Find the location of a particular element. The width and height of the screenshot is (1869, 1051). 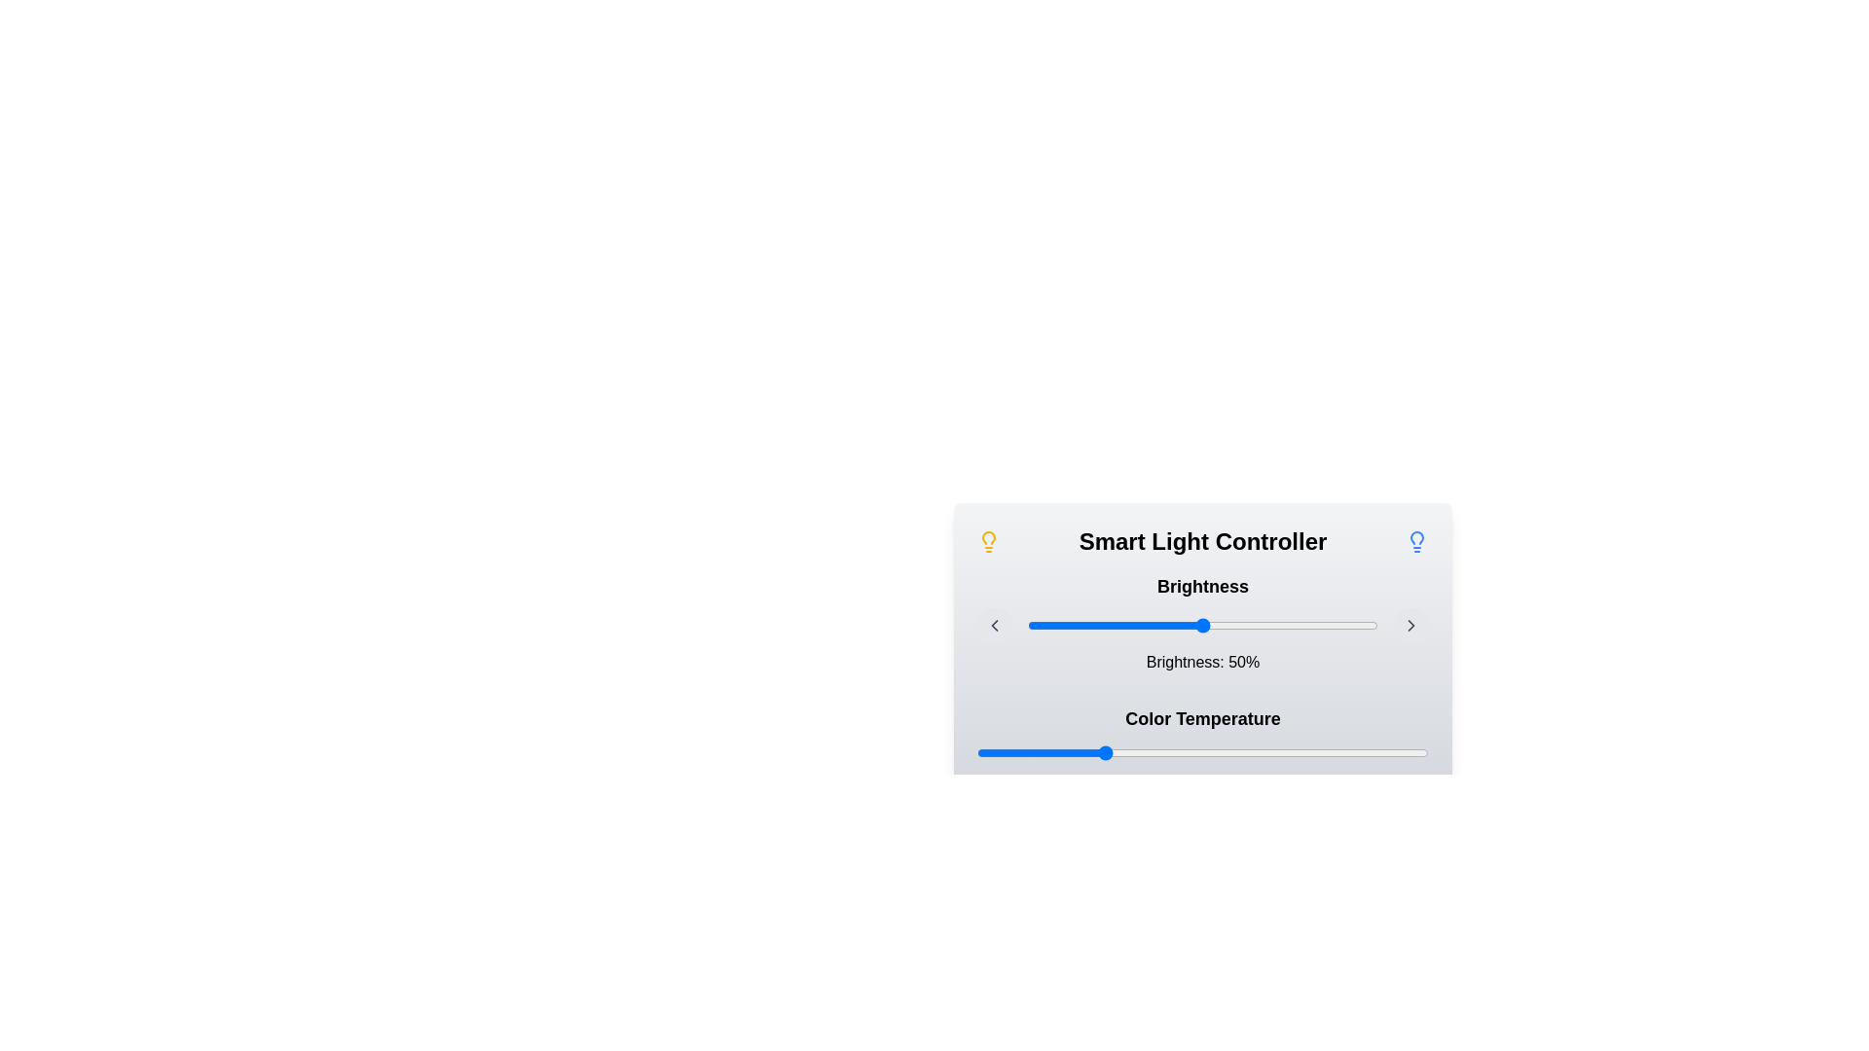

the color temperature is located at coordinates (1228, 752).